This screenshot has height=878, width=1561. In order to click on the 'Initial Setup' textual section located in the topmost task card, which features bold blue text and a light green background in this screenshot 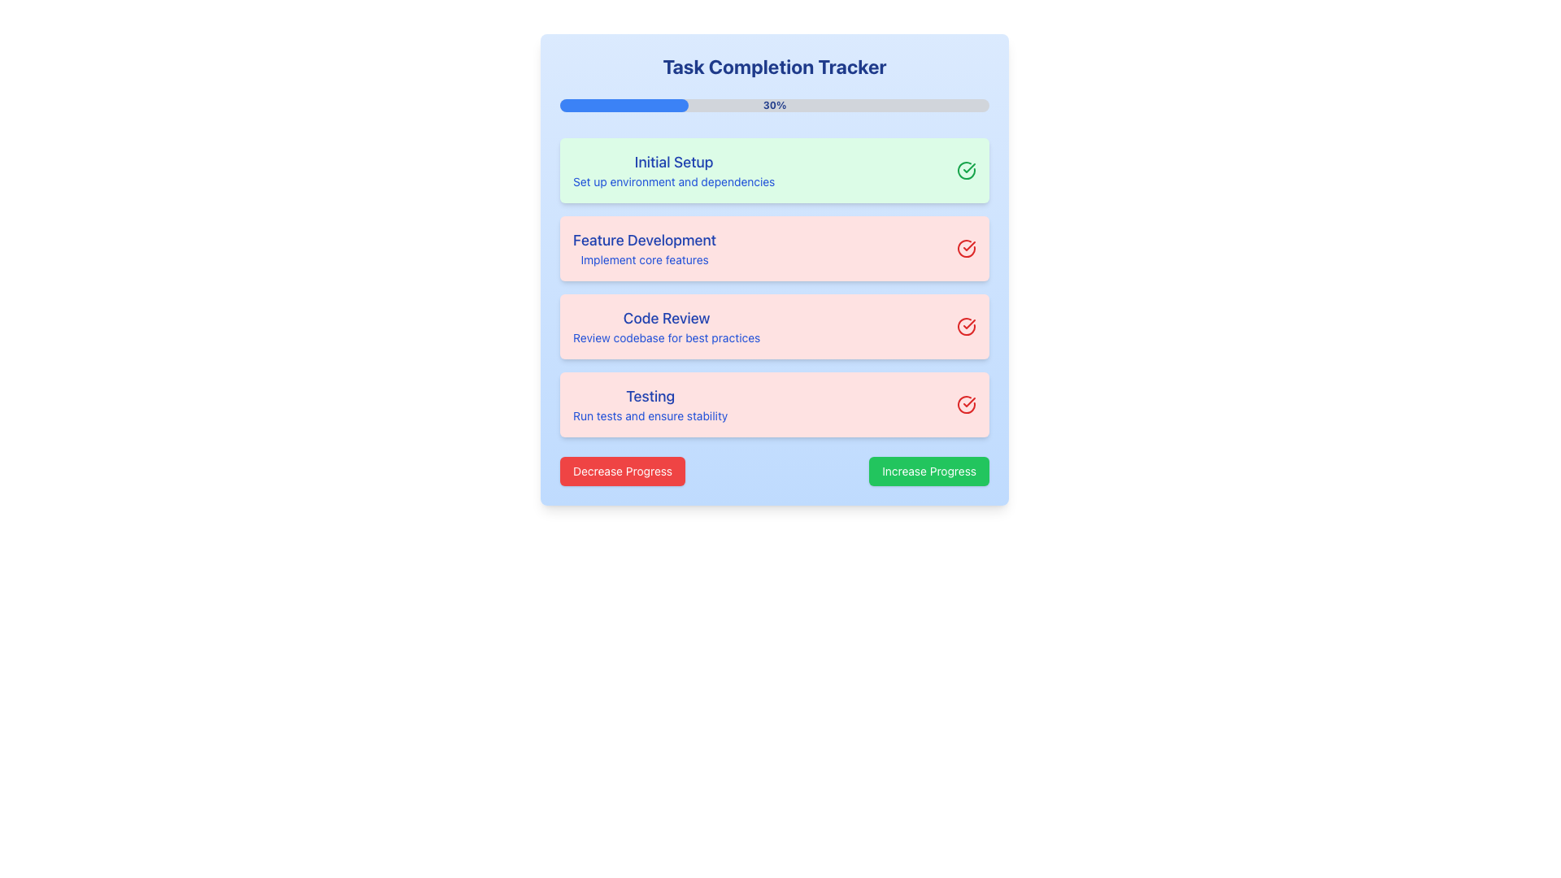, I will do `click(674, 170)`.